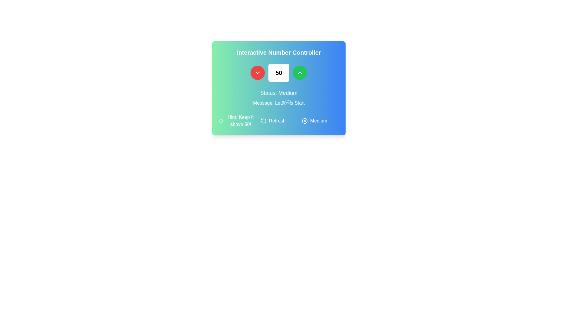  Describe the element at coordinates (279, 121) in the screenshot. I see `the 'Refresh' button, which features a circular arrow icon and is positioned centrally in the bottom area of the panel, between the 'Hint: Keep it above 50!' and 'Medium' elements` at that location.